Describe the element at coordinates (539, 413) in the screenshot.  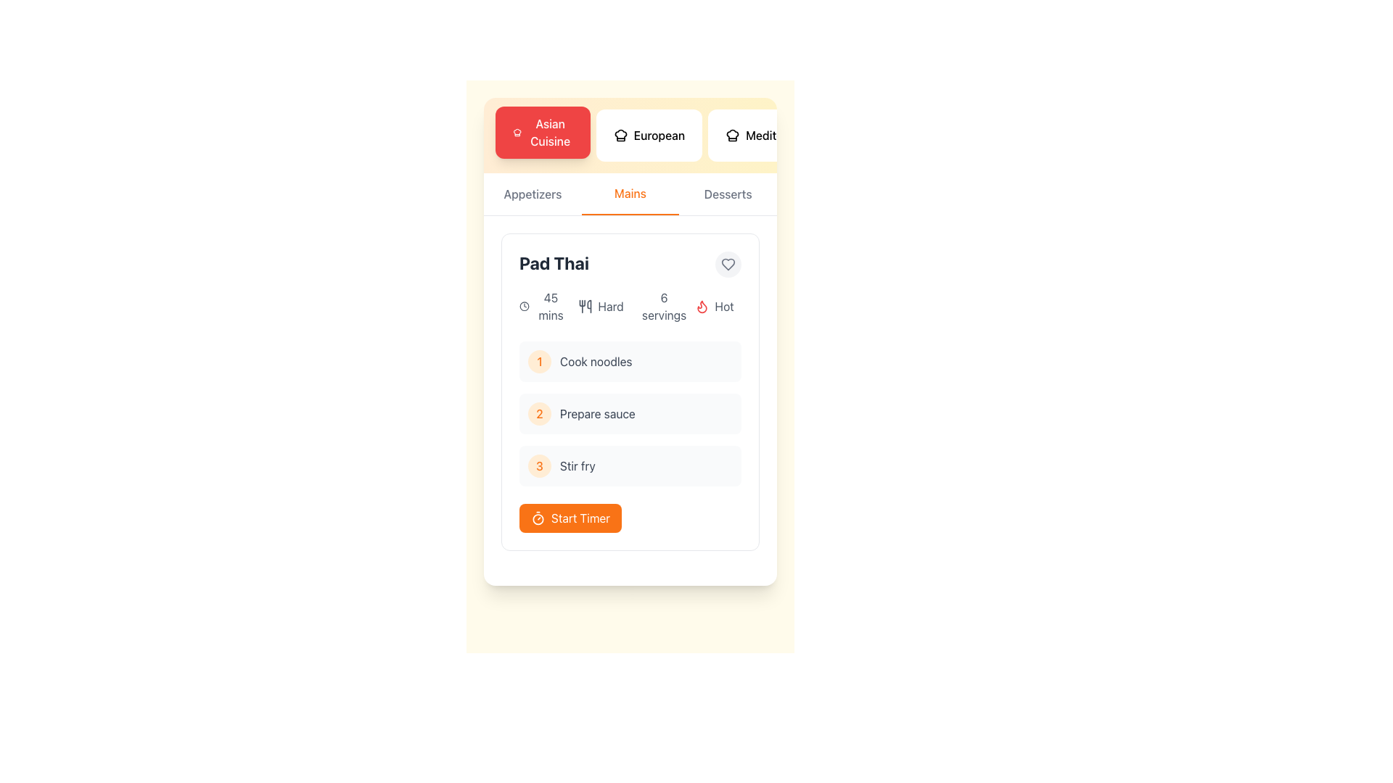
I see `the Step Indicator which is a circular component with an orange-colored filled numeral '2' in its center, indicating the second step titled 'Prepare sauce' in the 'Pad Thai' card` at that location.